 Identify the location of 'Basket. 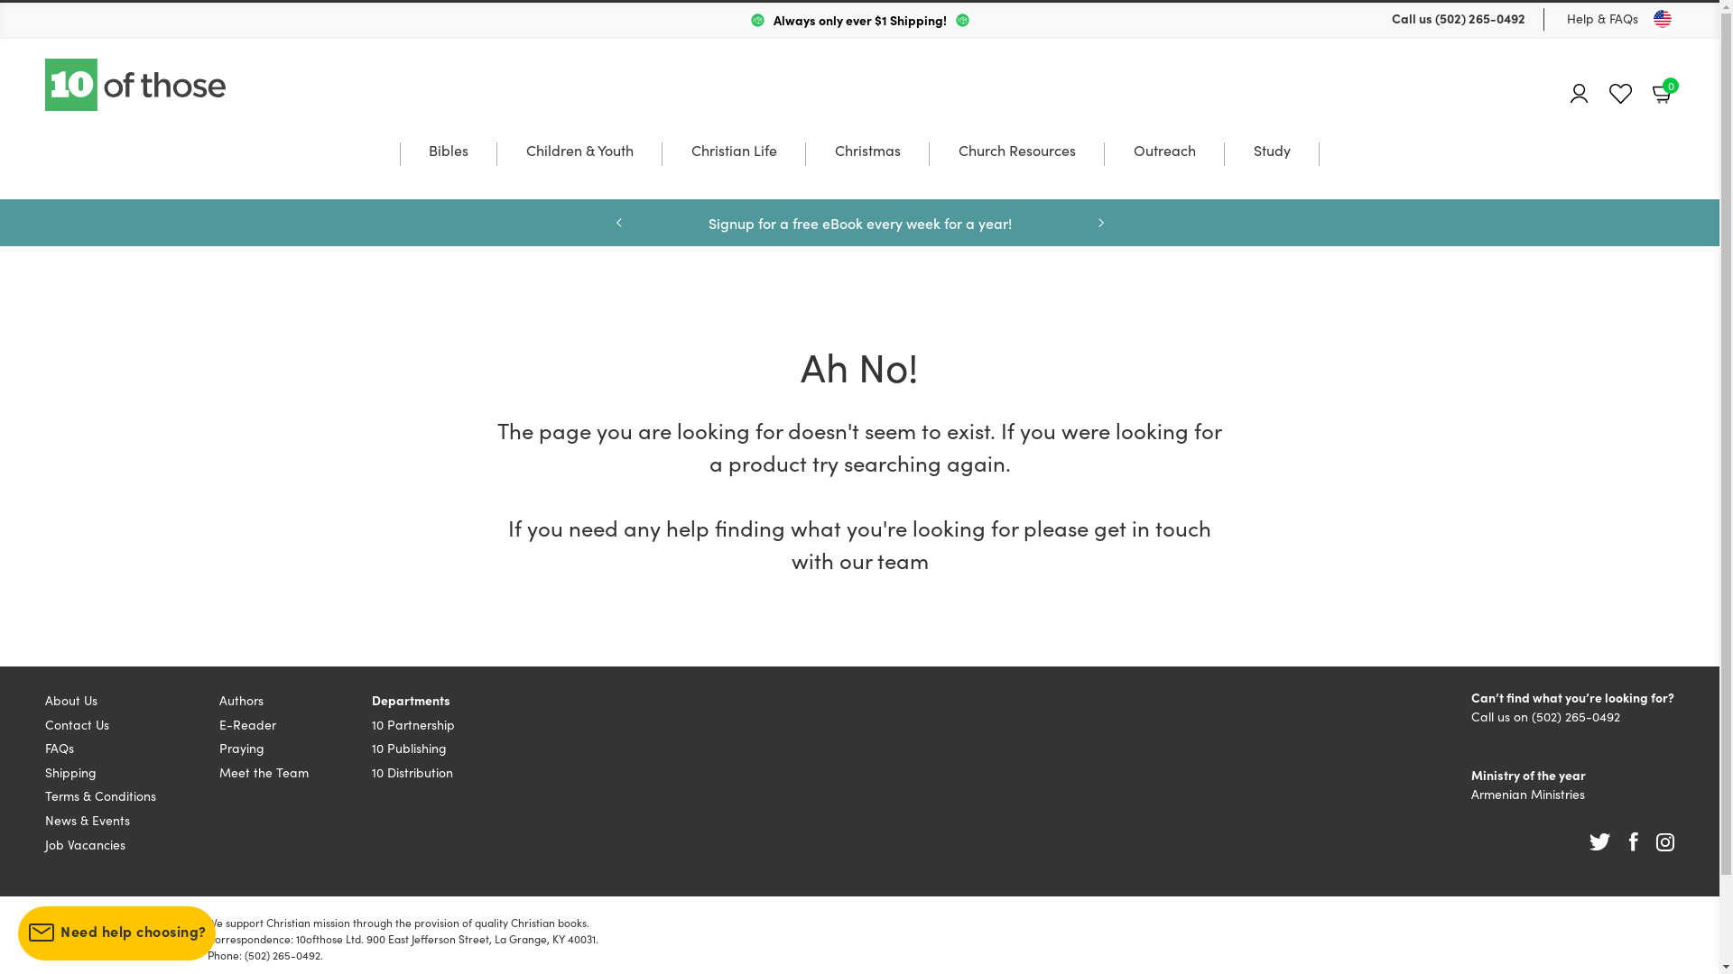
(1663, 93).